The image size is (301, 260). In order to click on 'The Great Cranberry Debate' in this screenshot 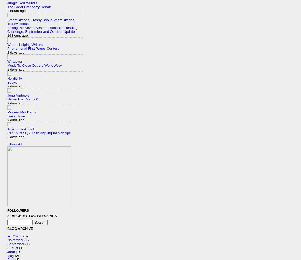, I will do `click(29, 7)`.